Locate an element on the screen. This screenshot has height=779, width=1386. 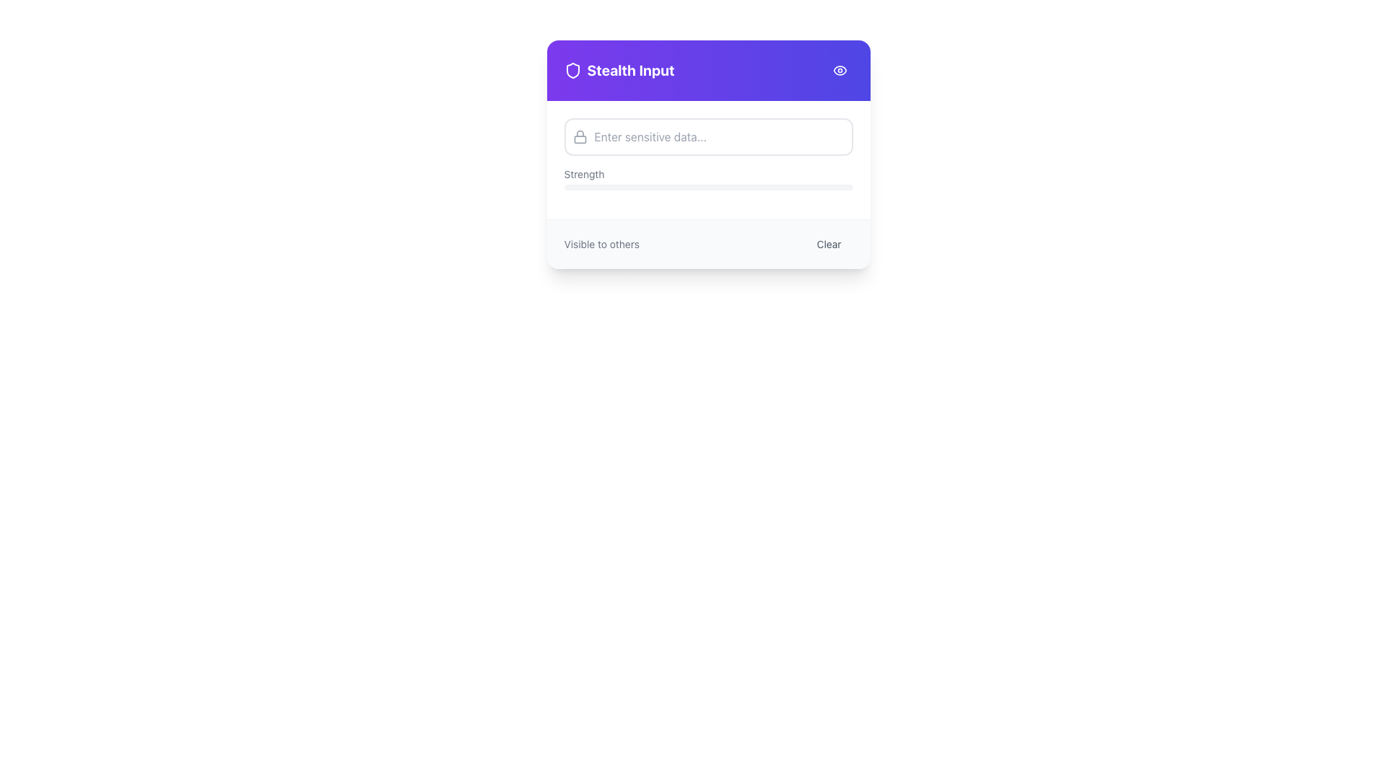
the lock icon representing the security concept located to the left of the placeholder text 'Enter sensitive data...' in the input field is located at coordinates (580, 139).